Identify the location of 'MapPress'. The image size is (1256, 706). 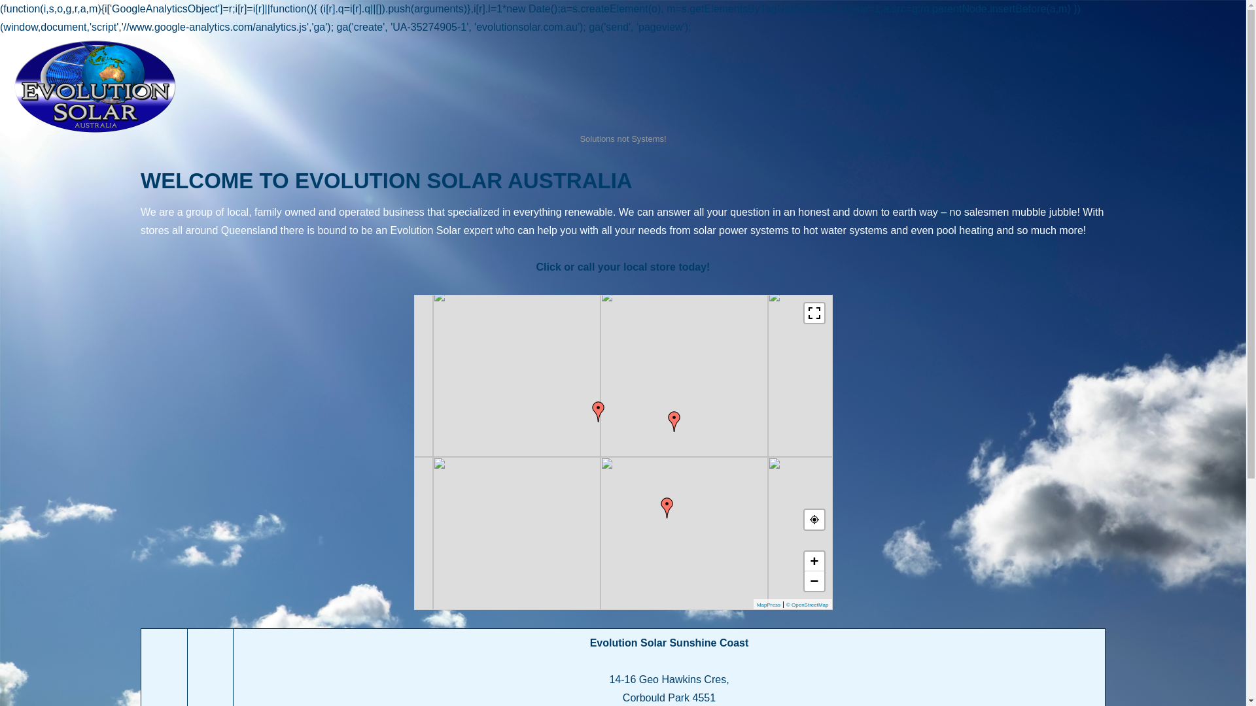
(756, 605).